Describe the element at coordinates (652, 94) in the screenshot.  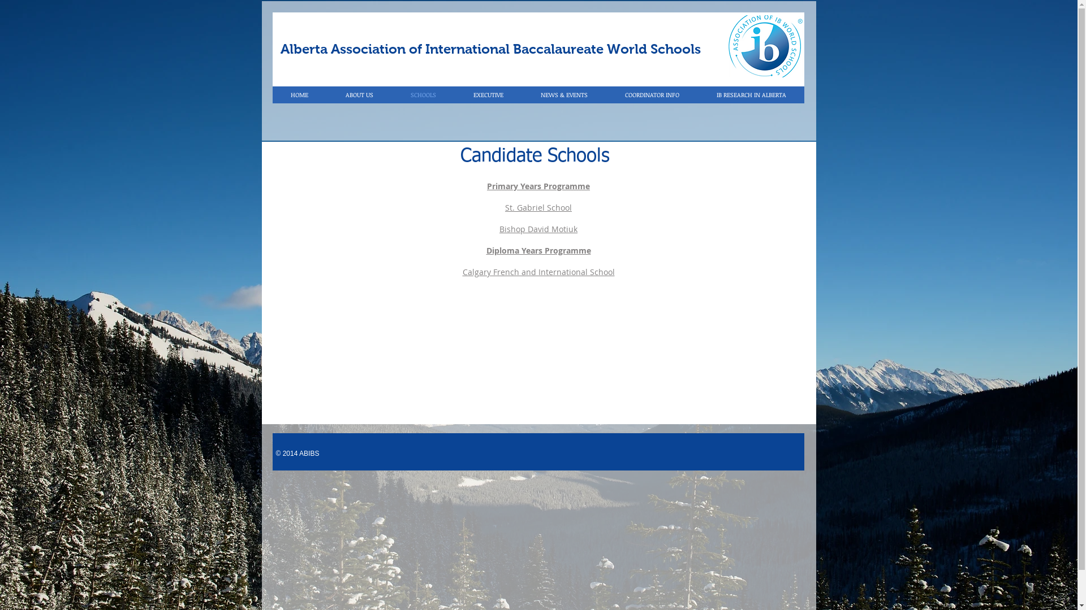
I see `'COORDINATOR INFO'` at that location.